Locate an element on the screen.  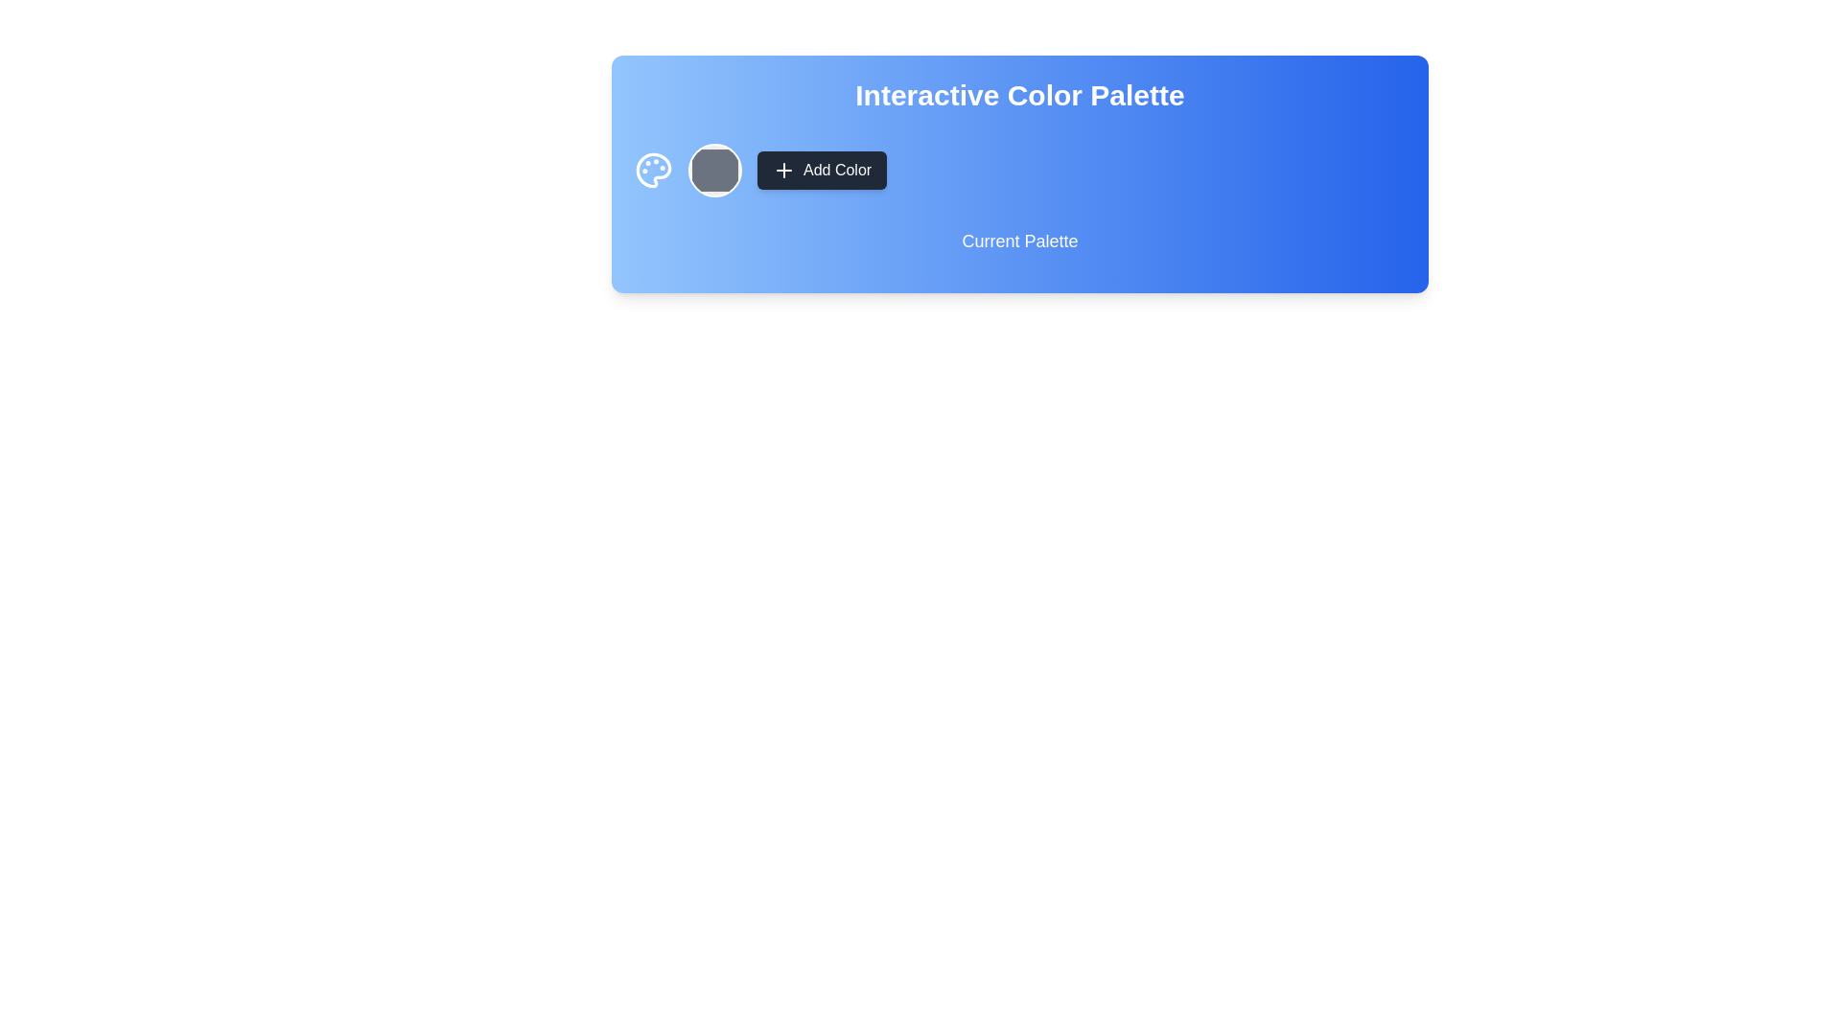
the painter's palette icon, which is the first element in a horizontal row containing a text button labeled 'Add Color' and a color selector circle, positioned at the leftmost side is located at coordinates (653, 169).